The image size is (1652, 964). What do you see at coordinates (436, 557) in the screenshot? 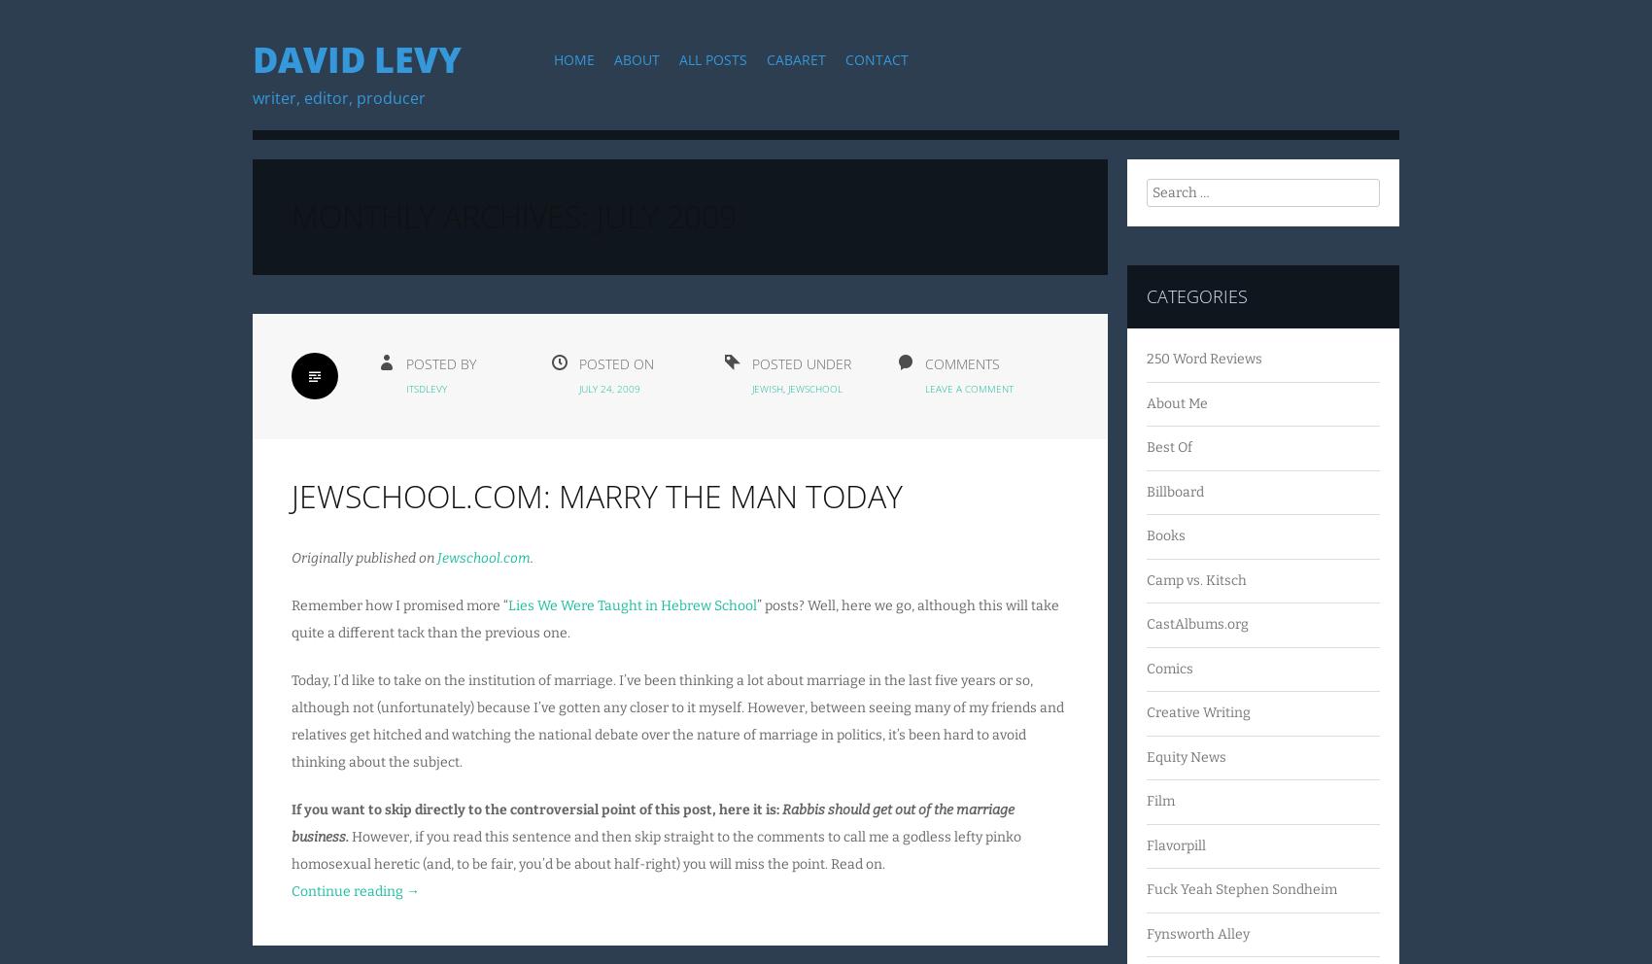
I see `'Jewschool.com'` at bounding box center [436, 557].